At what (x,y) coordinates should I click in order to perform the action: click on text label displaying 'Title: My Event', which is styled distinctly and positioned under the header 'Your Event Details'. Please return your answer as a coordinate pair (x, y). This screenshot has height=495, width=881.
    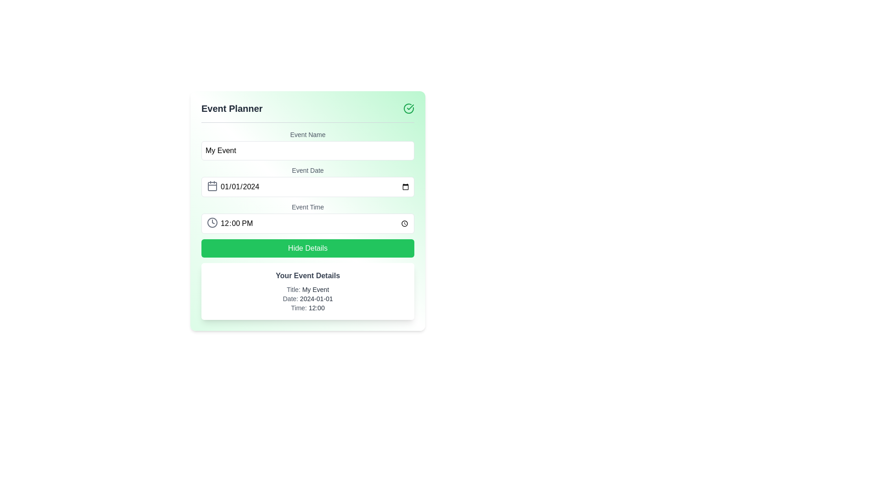
    Looking at the image, I should click on (308, 290).